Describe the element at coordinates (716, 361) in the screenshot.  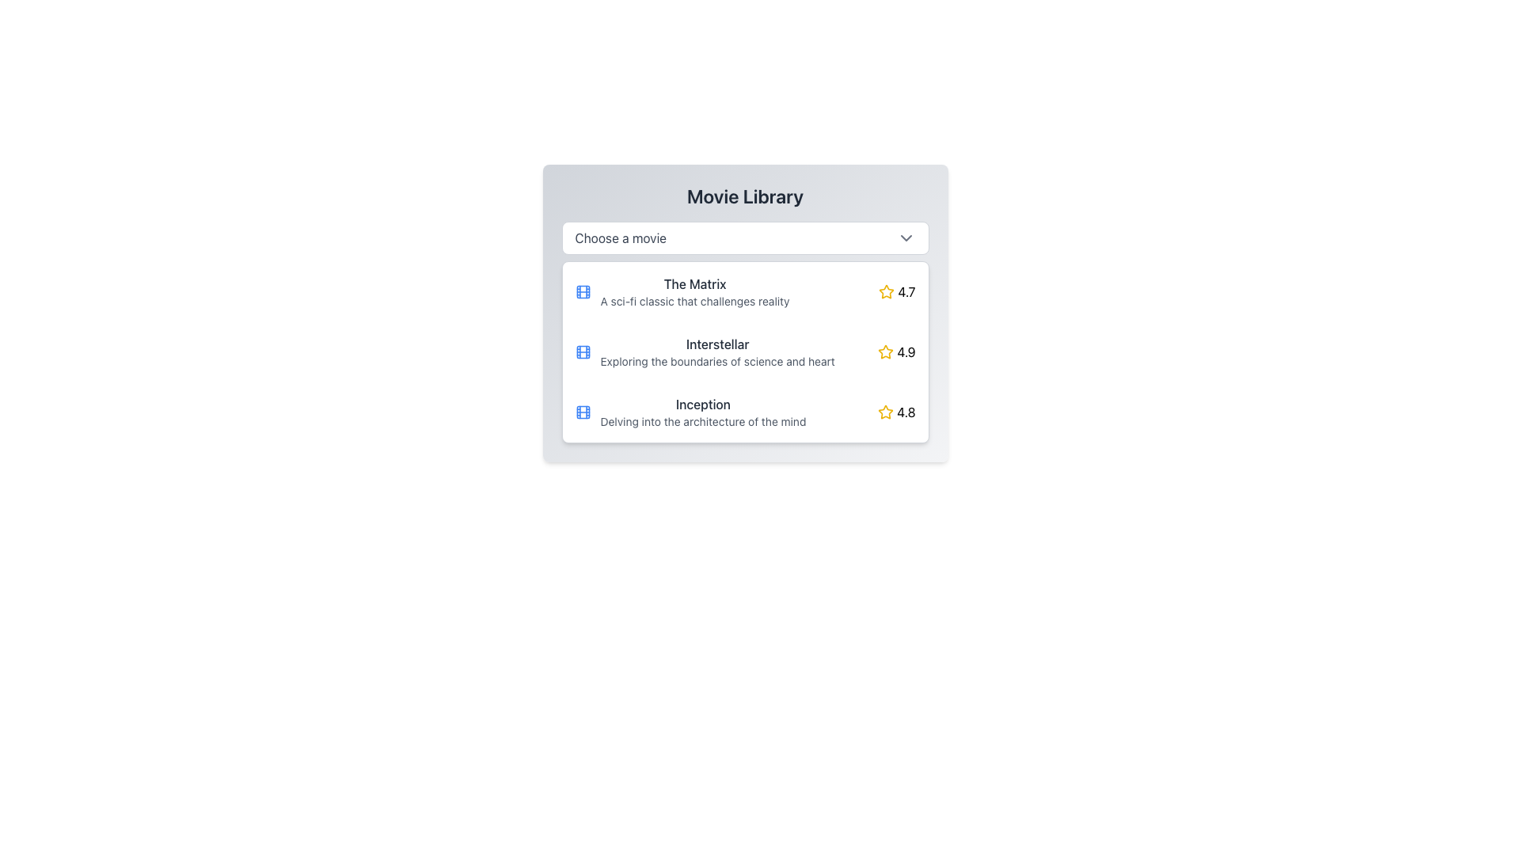
I see `text label providing additional context for the movie 'Interstellar' located below the title in the movie information list` at that location.